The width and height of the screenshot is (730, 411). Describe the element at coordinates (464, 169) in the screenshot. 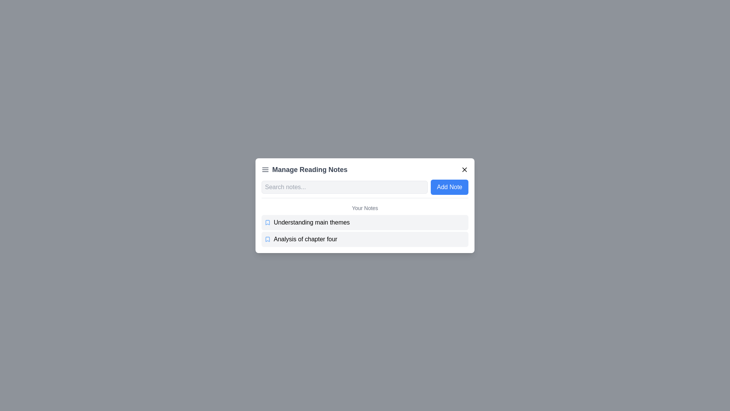

I see `the close button to close the dialog` at that location.